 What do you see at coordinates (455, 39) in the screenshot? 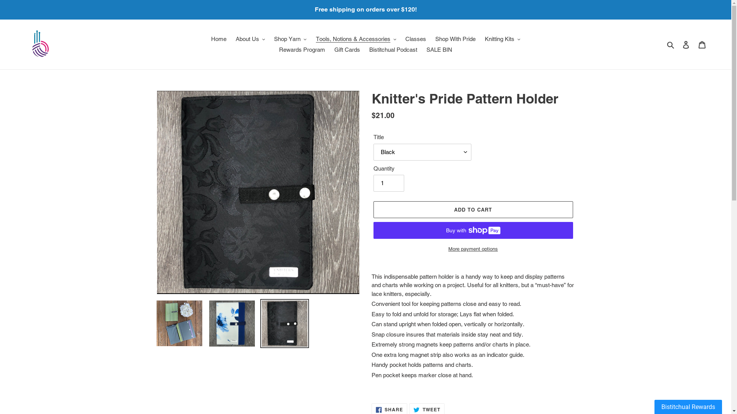
I see `'Shop With Pride'` at bounding box center [455, 39].